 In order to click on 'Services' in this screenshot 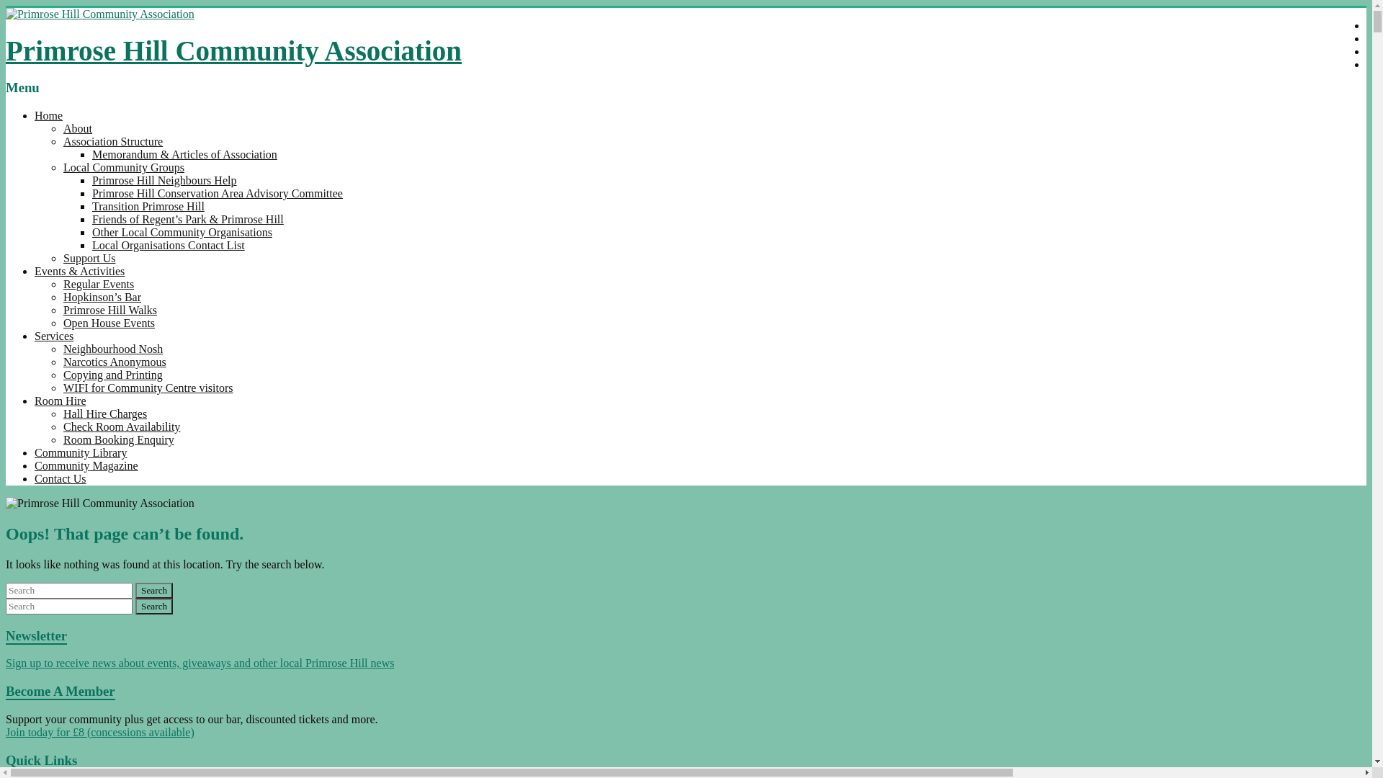, I will do `click(54, 336)`.